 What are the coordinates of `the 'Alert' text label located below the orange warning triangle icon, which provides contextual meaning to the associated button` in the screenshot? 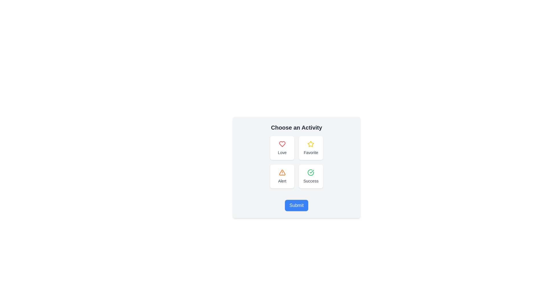 It's located at (282, 181).